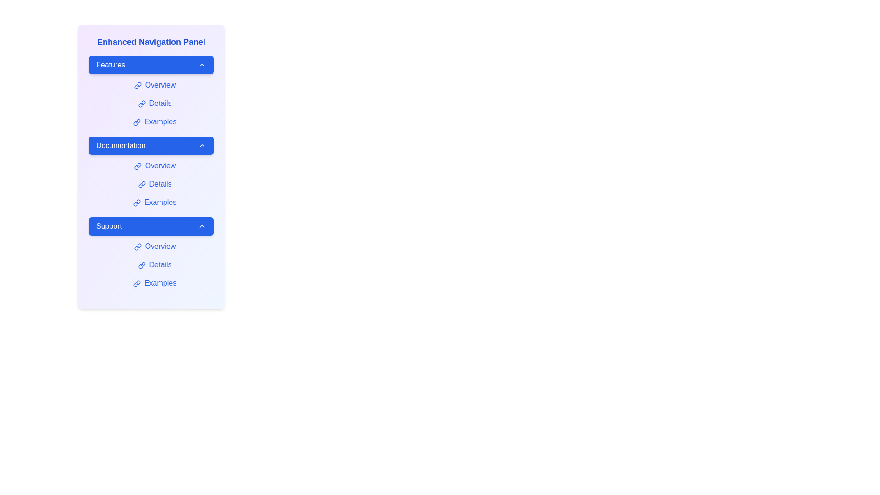 The width and height of the screenshot is (880, 495). What do you see at coordinates (141, 184) in the screenshot?
I see `the decorative icon that indicates the 'Details' link related to additional information in the 'Documentation' section of the expandable navigation panel` at bounding box center [141, 184].